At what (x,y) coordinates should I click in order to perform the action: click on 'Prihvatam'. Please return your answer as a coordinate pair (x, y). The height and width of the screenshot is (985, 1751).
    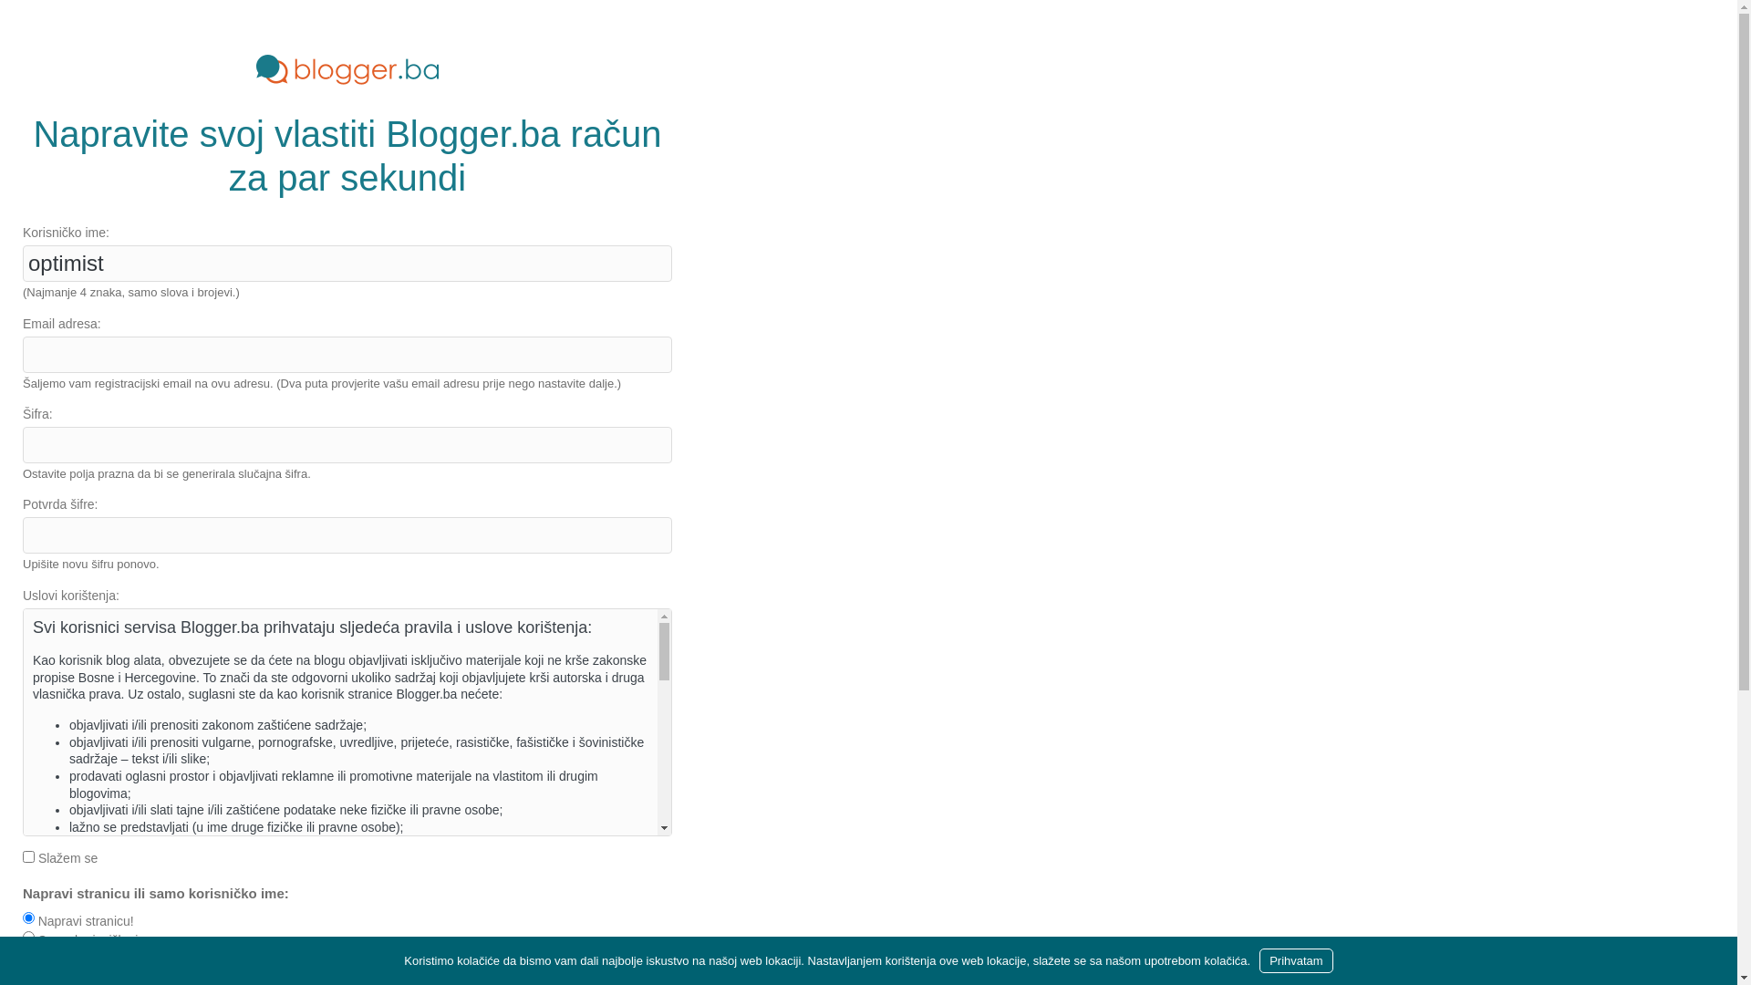
    Looking at the image, I should click on (1295, 959).